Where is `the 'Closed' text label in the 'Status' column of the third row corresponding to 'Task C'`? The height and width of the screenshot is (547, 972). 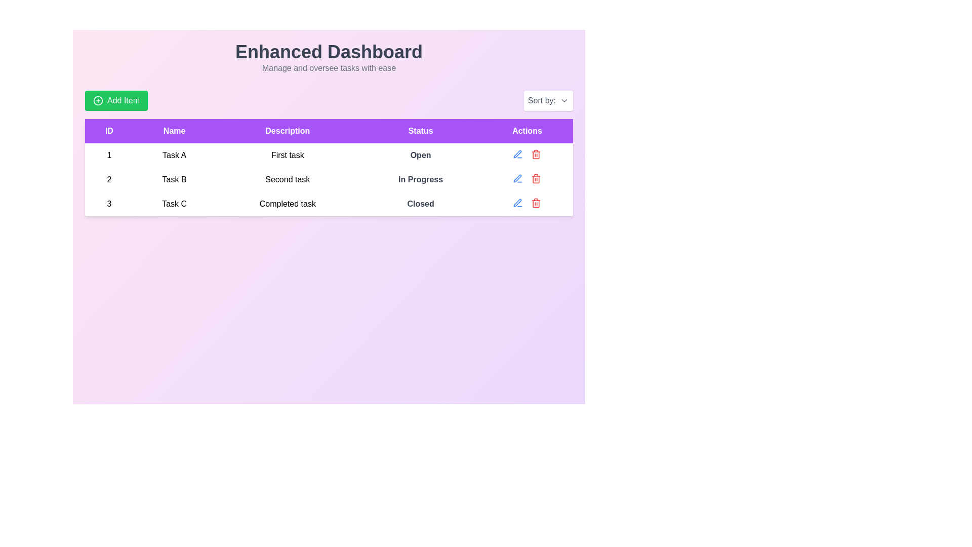
the 'Closed' text label in the 'Status' column of the third row corresponding to 'Task C' is located at coordinates (421, 204).